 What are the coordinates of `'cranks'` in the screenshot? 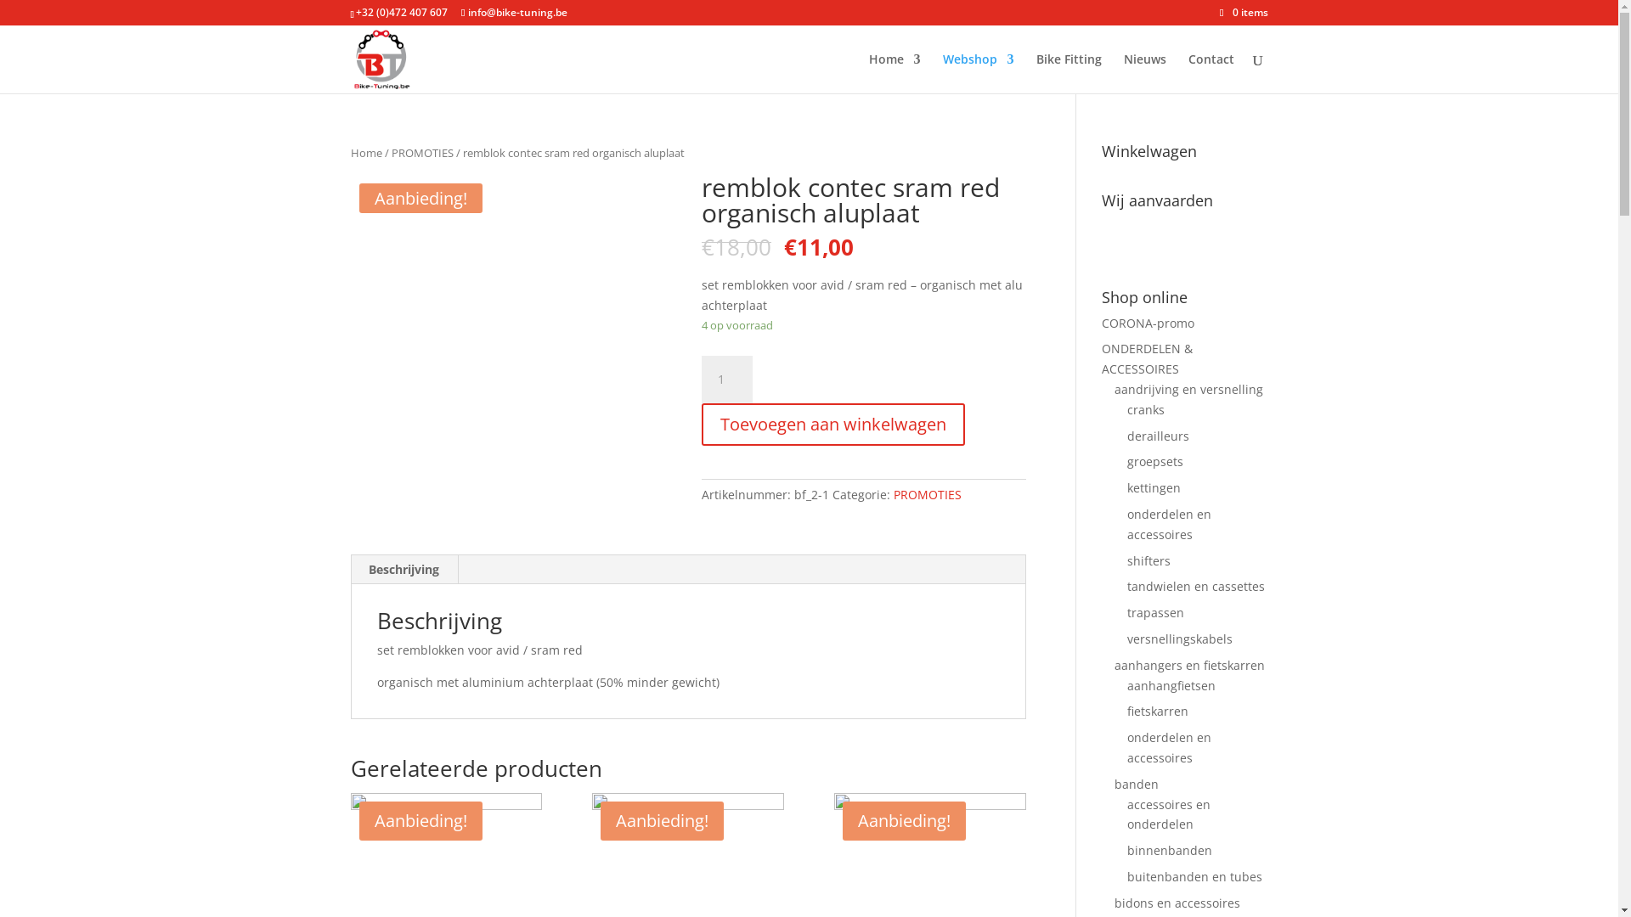 It's located at (1145, 409).